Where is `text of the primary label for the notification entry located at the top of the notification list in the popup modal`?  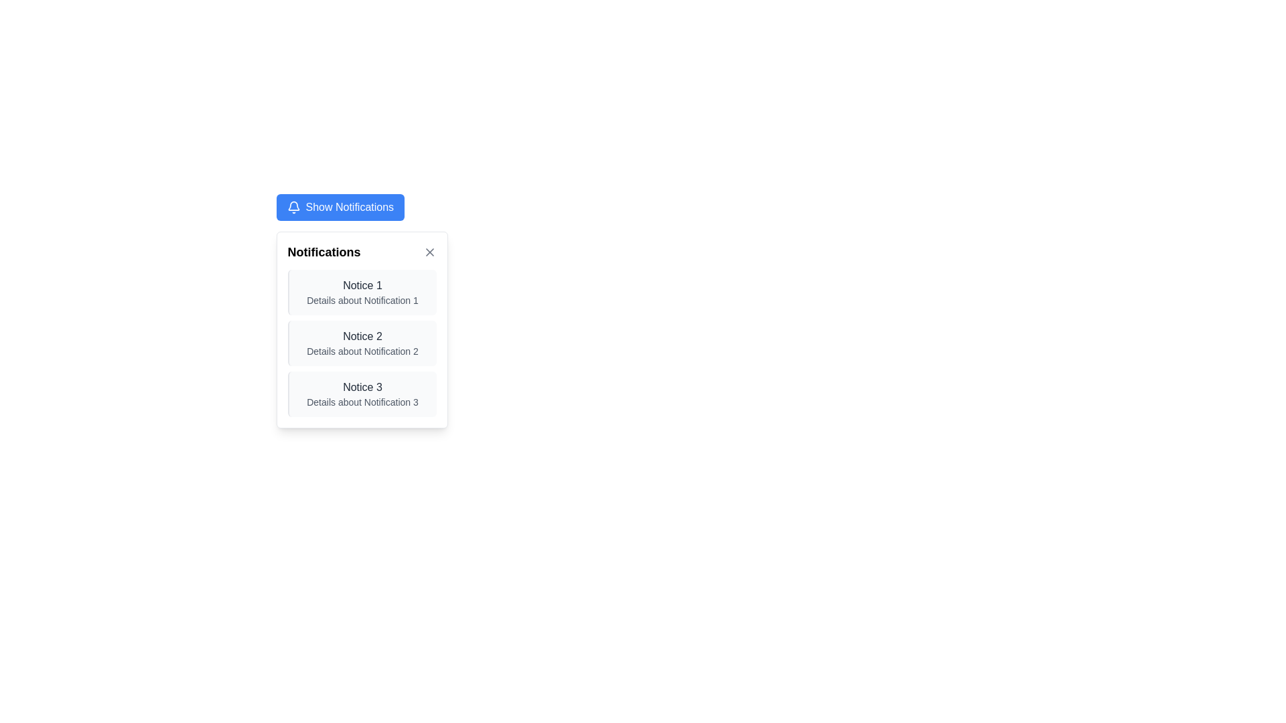
text of the primary label for the notification entry located at the top of the notification list in the popup modal is located at coordinates (362, 285).